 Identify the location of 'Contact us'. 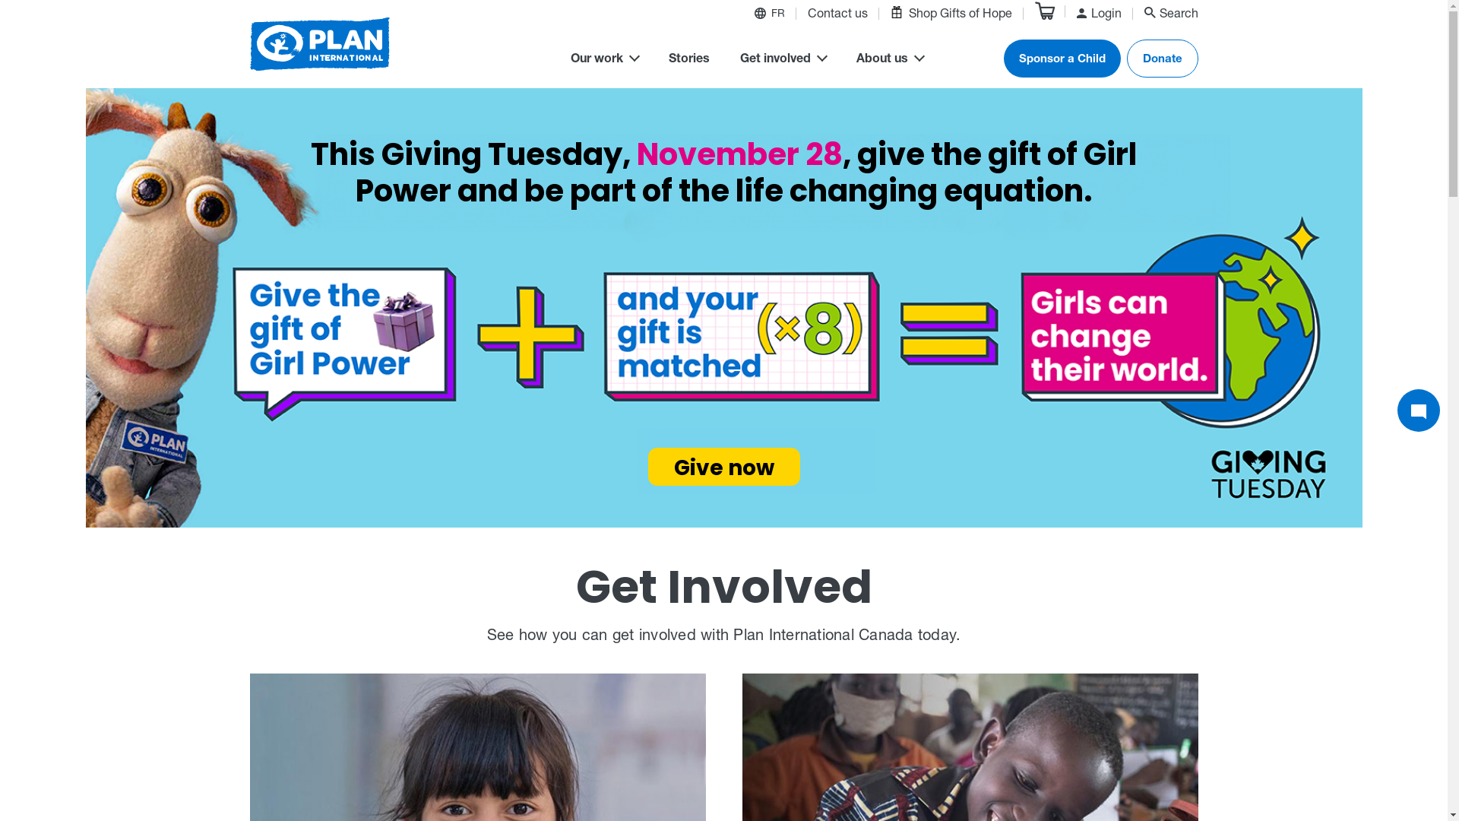
(836, 15).